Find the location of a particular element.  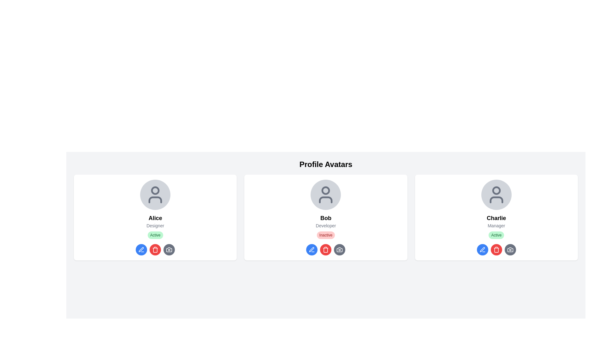

the static text label that describes the professional role or title of the individual represented by the card, located in the middle of the card beneath the 'Alice' label and above the 'Active' badge is located at coordinates (155, 225).